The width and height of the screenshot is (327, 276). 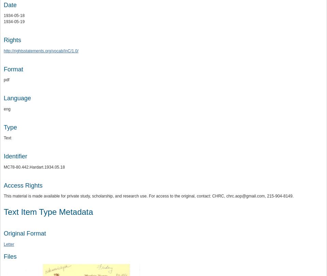 I want to click on 'http://rightsstatements.org/vocab/InC/1.0/', so click(x=3, y=51).